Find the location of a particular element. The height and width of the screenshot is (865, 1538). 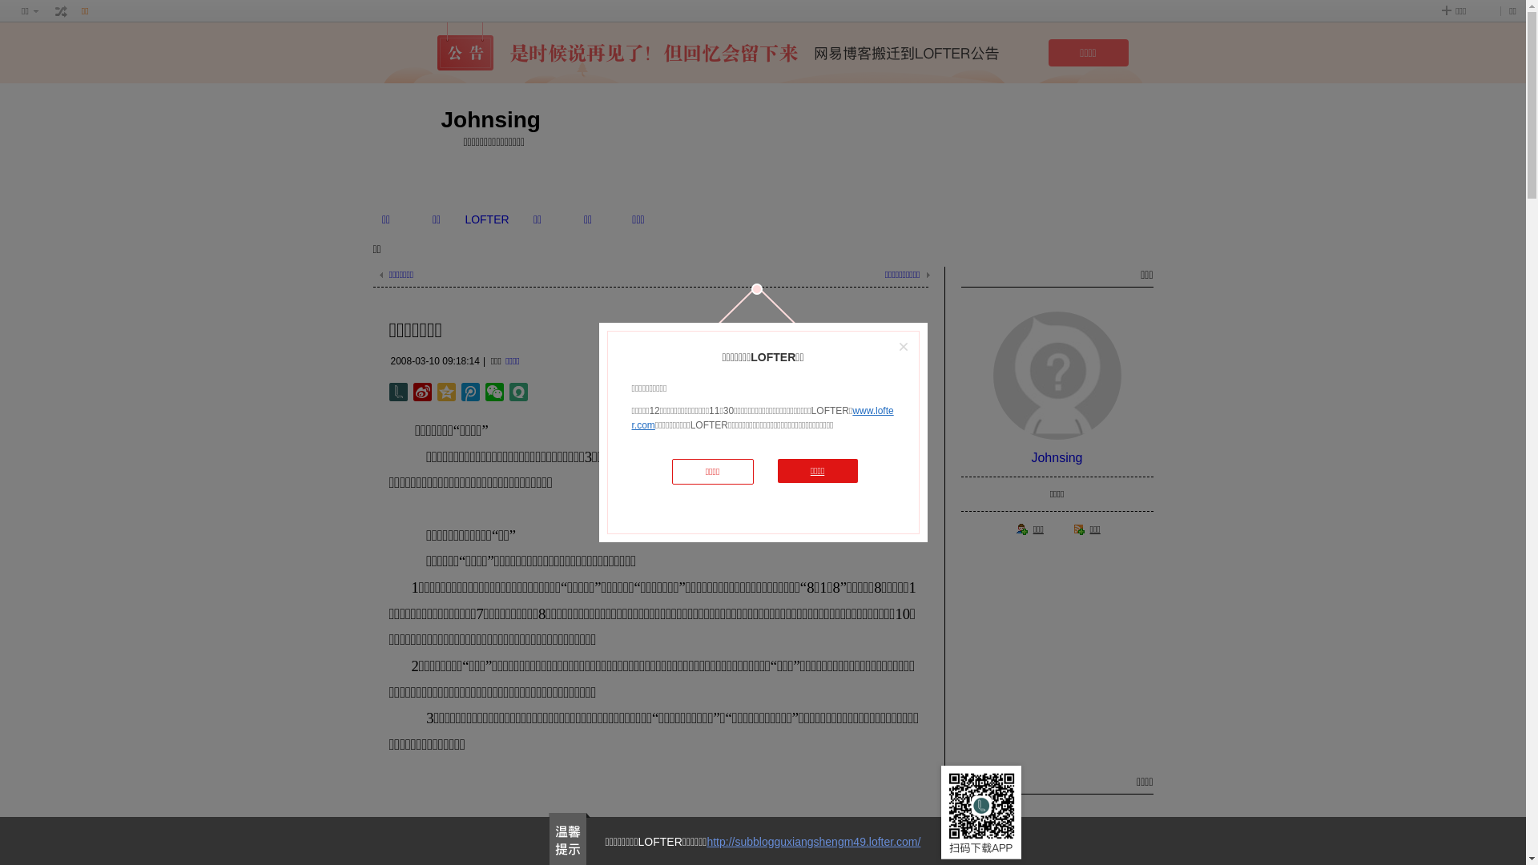

' ' is located at coordinates (61, 11).